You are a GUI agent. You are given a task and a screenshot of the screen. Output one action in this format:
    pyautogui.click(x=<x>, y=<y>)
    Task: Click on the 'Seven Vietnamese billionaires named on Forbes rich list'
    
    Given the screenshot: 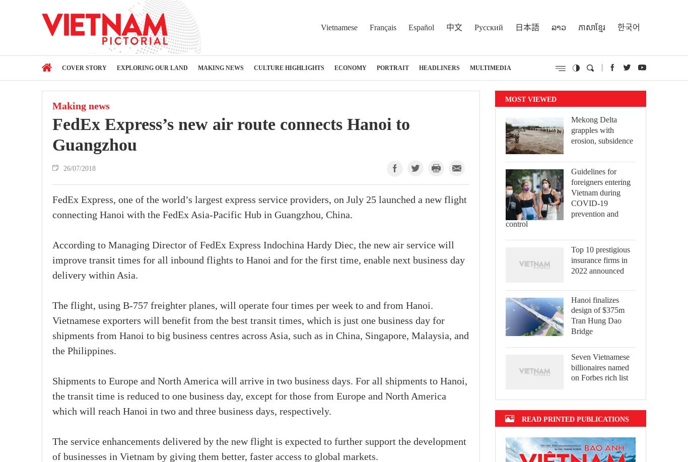 What is the action you would take?
    pyautogui.click(x=600, y=366)
    